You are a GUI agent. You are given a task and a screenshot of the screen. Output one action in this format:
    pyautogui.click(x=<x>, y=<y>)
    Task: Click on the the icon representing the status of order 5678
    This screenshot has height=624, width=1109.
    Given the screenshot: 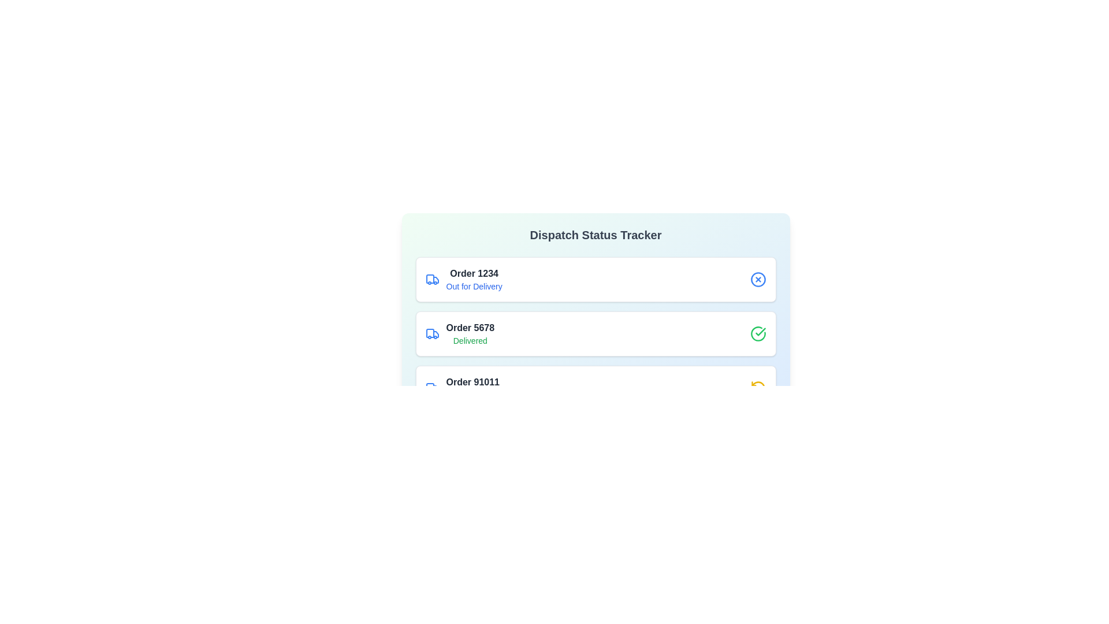 What is the action you would take?
    pyautogui.click(x=758, y=334)
    